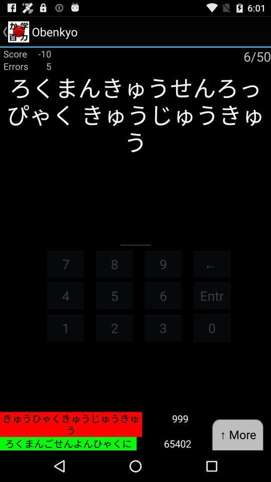  What do you see at coordinates (163, 327) in the screenshot?
I see `item below the 6` at bounding box center [163, 327].